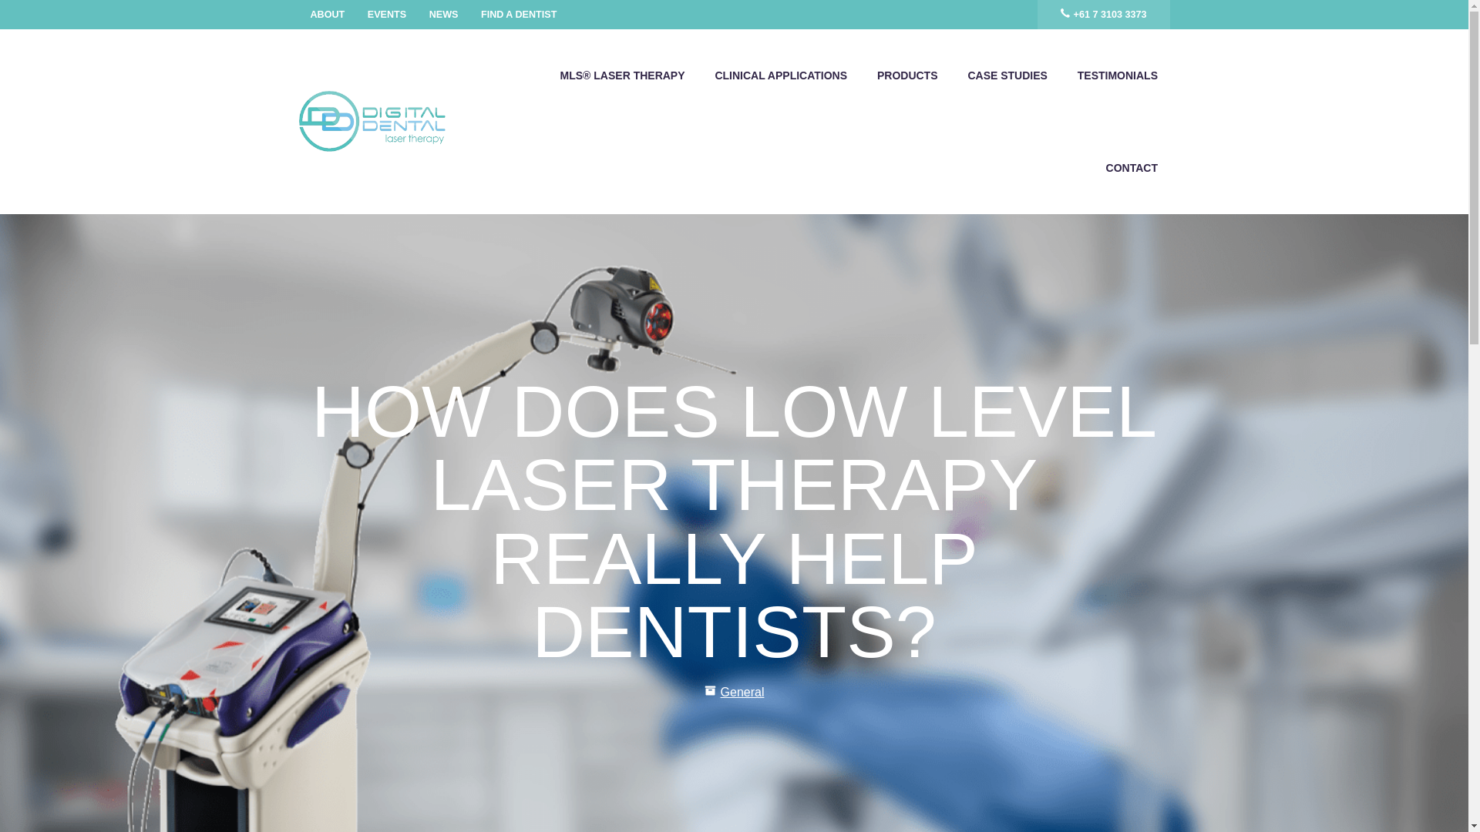 Image resolution: width=1480 pixels, height=832 pixels. Describe the element at coordinates (443, 15) in the screenshot. I see `'NEWS'` at that location.